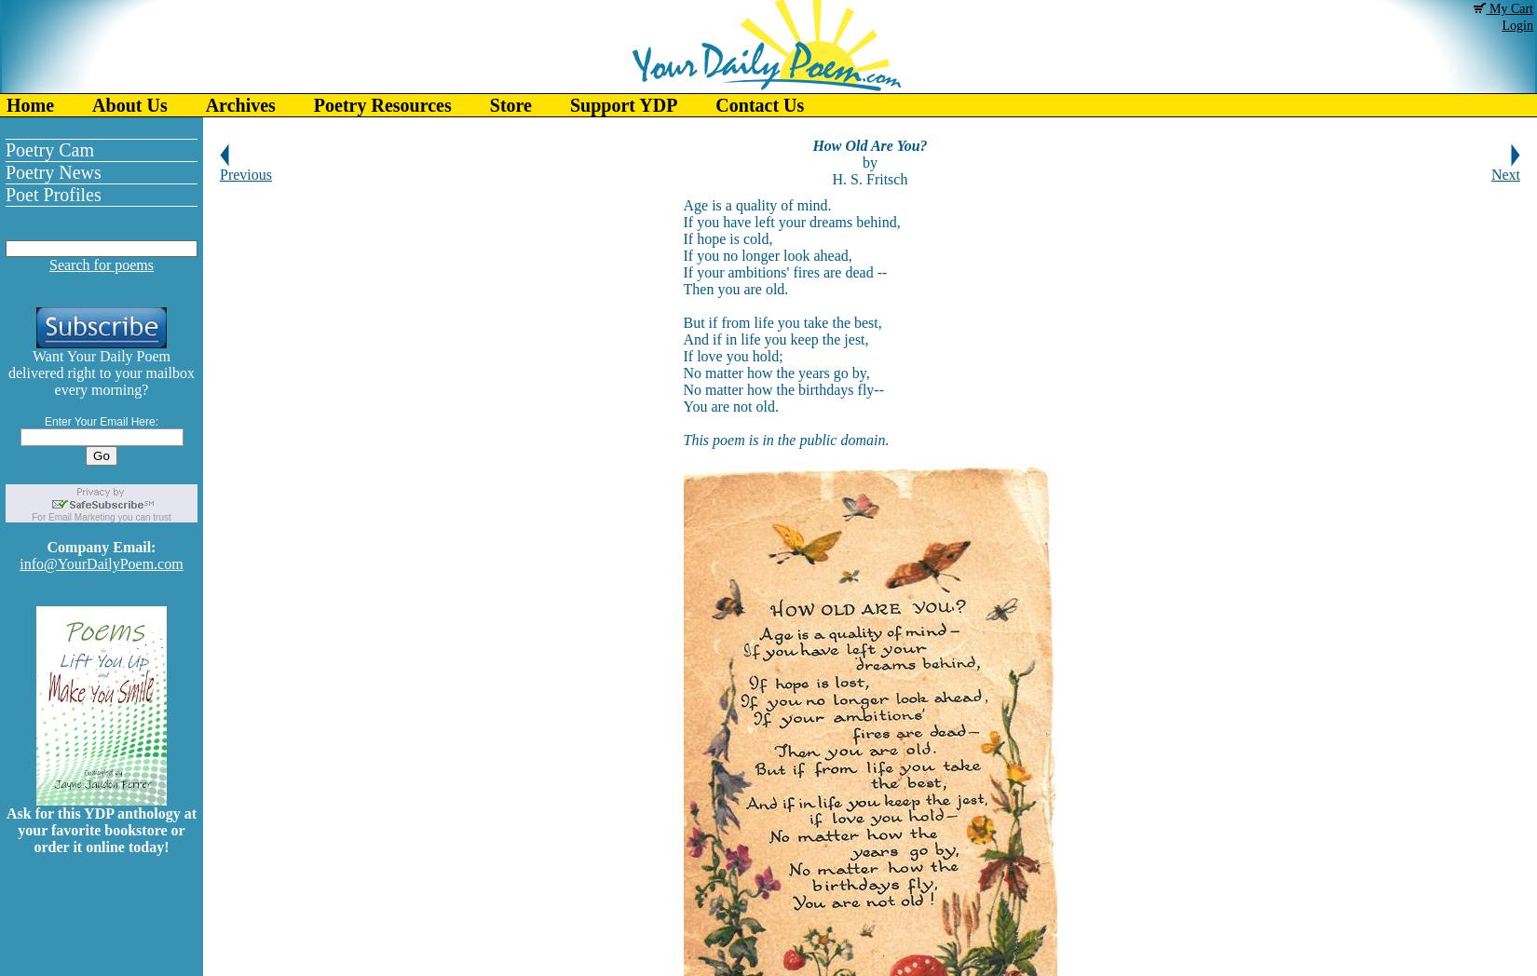 The width and height of the screenshot is (1537, 976). Describe the element at coordinates (869, 178) in the screenshot. I see `'H. S. Fritsch'` at that location.